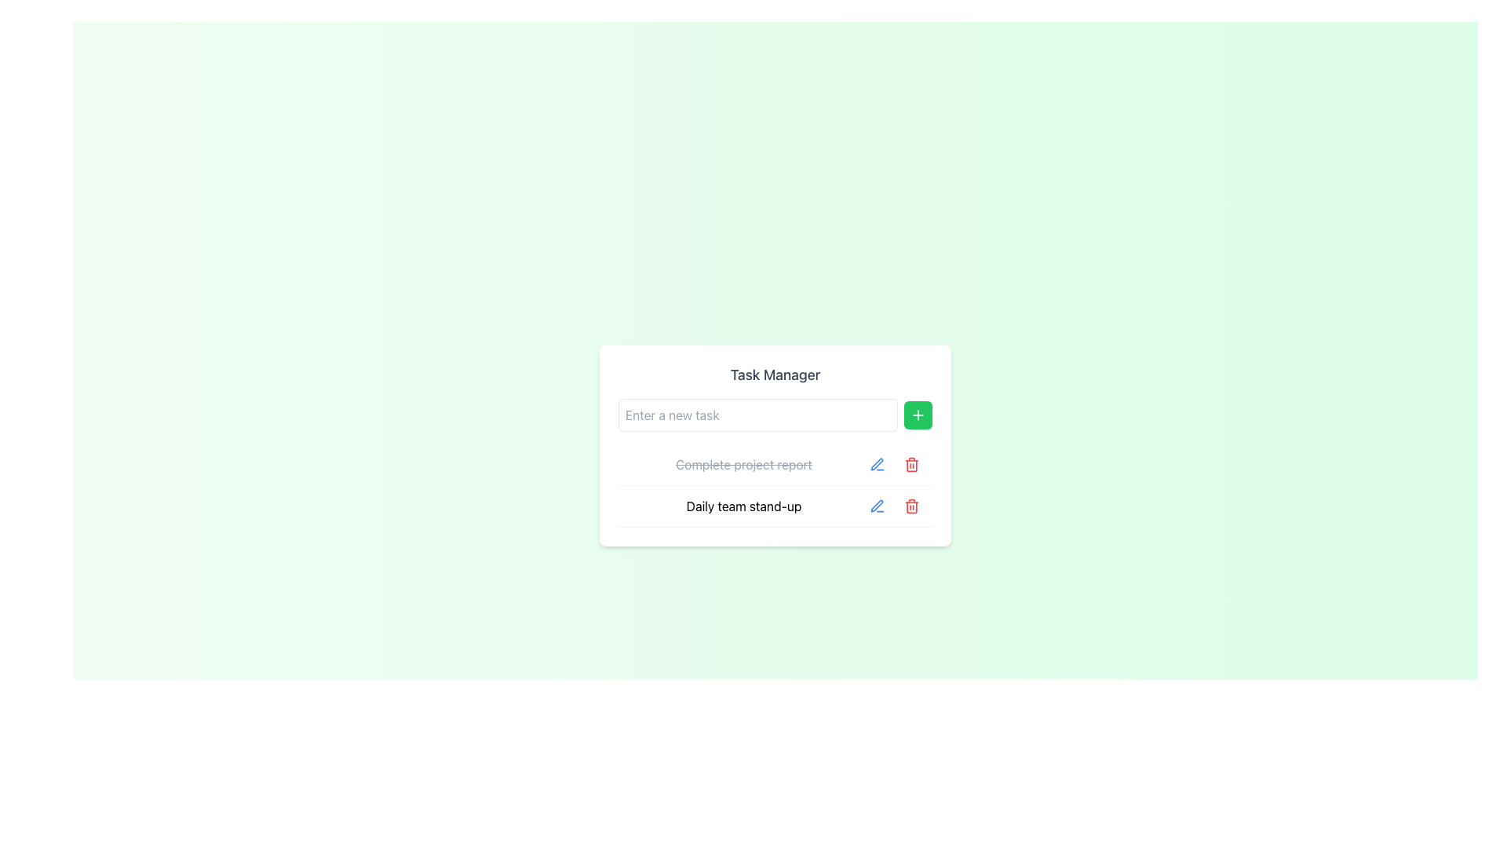 The height and width of the screenshot is (848, 1507). I want to click on the button that adds a new task, so click(918, 414).